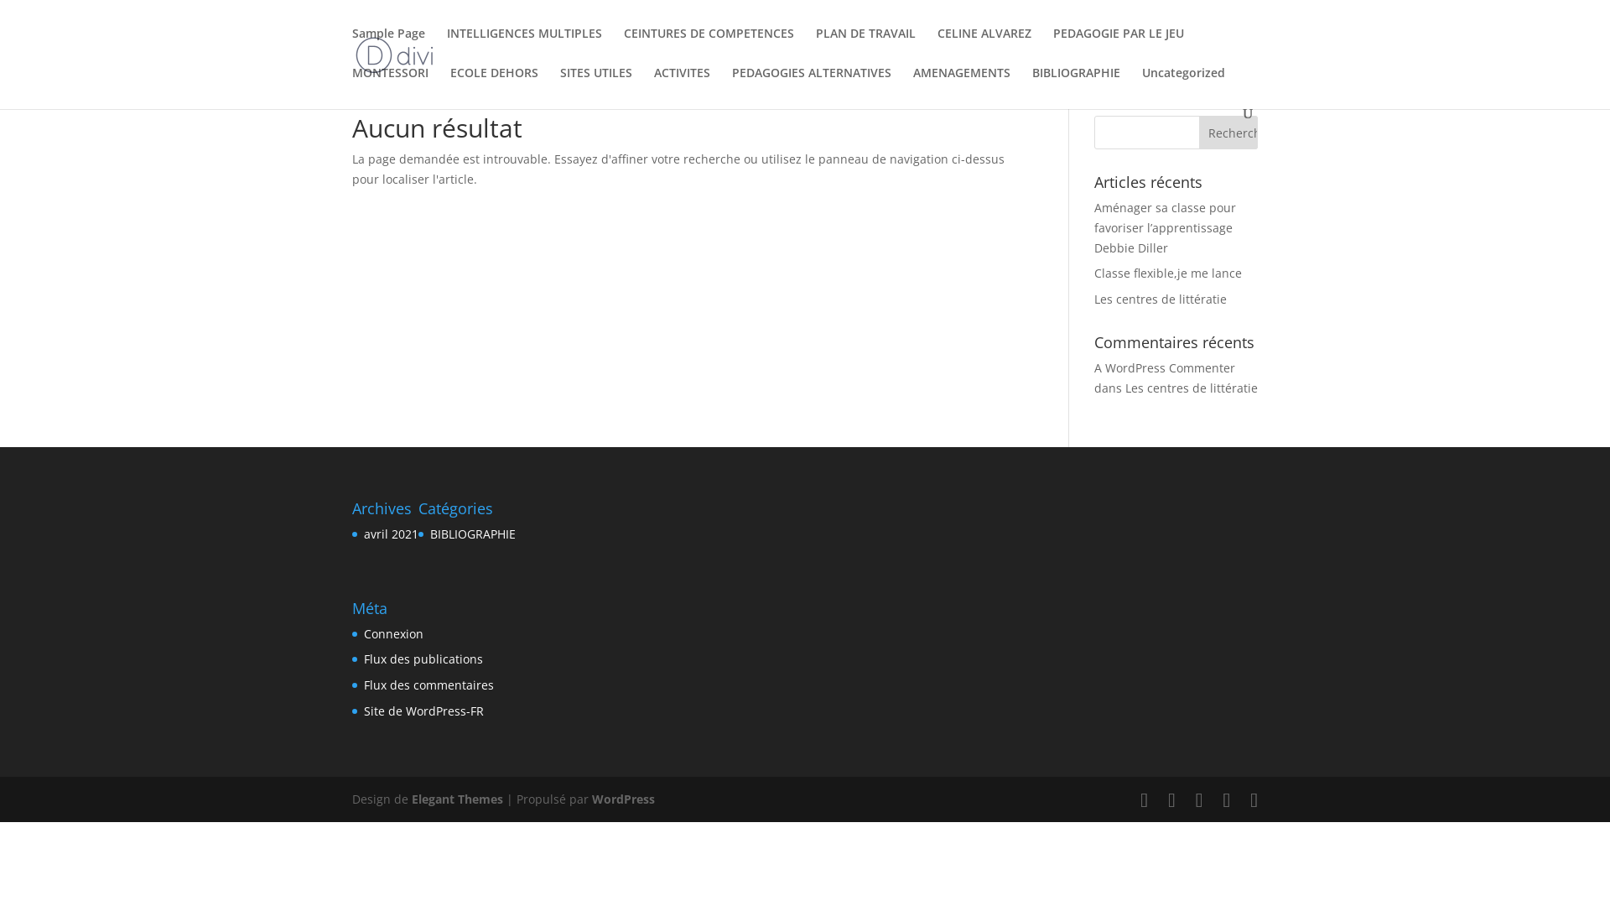  What do you see at coordinates (912, 86) in the screenshot?
I see `'AMENAGEMENTS'` at bounding box center [912, 86].